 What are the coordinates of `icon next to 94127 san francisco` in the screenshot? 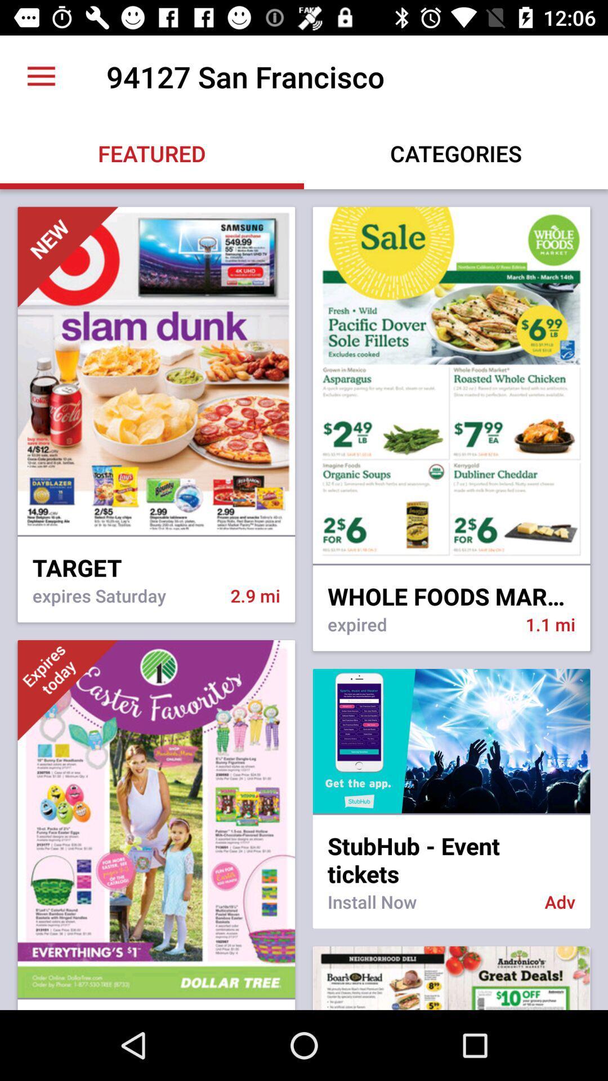 It's located at (41, 76).